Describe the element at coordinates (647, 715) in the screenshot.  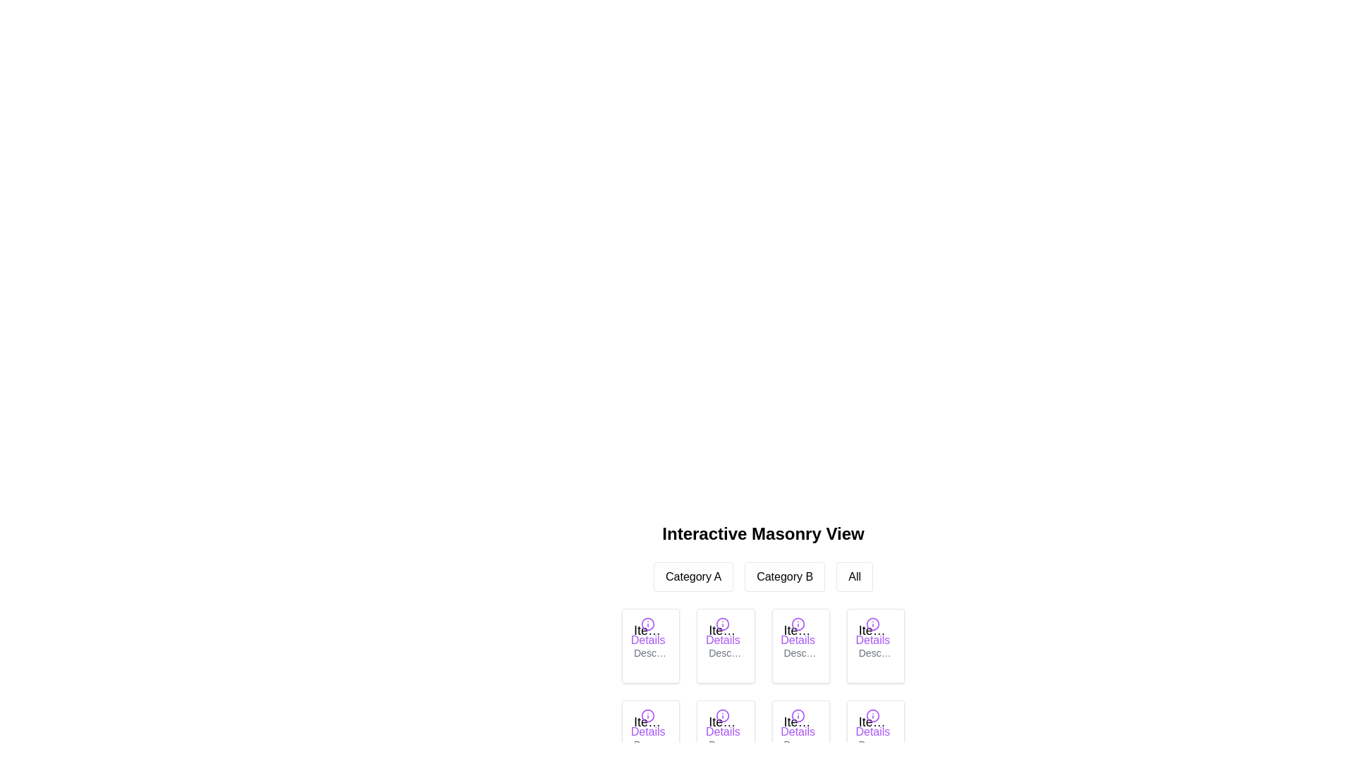
I see `the SVG-based icon located at the top-right of the first card in the second row` at that location.